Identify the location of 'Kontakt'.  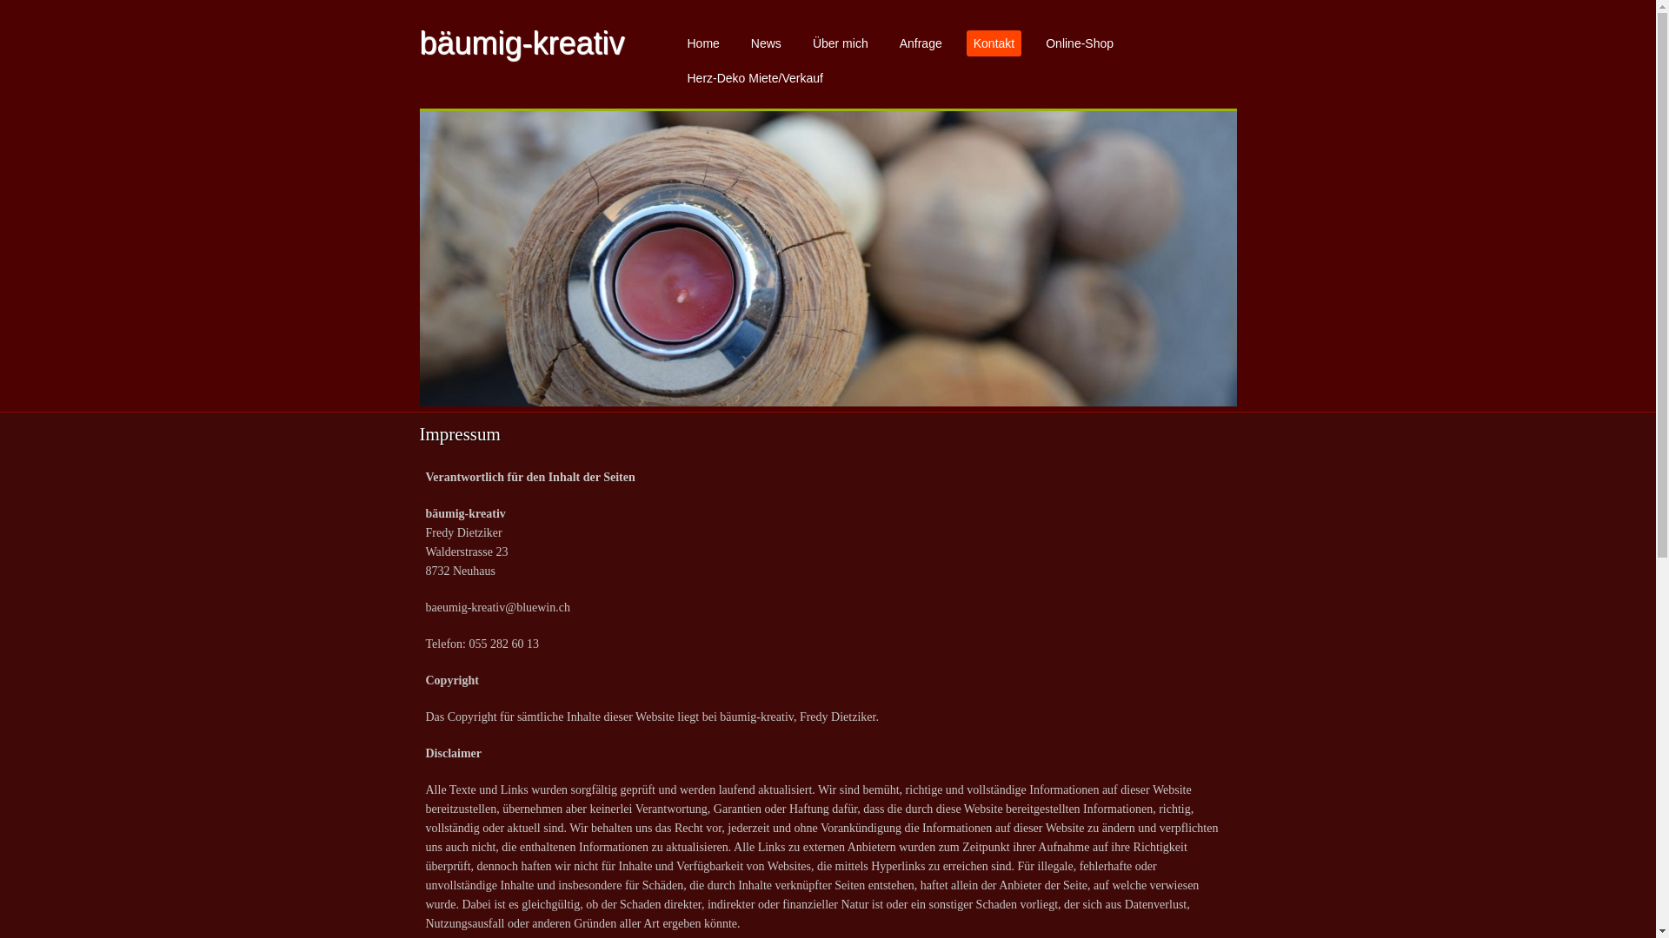
(966, 43).